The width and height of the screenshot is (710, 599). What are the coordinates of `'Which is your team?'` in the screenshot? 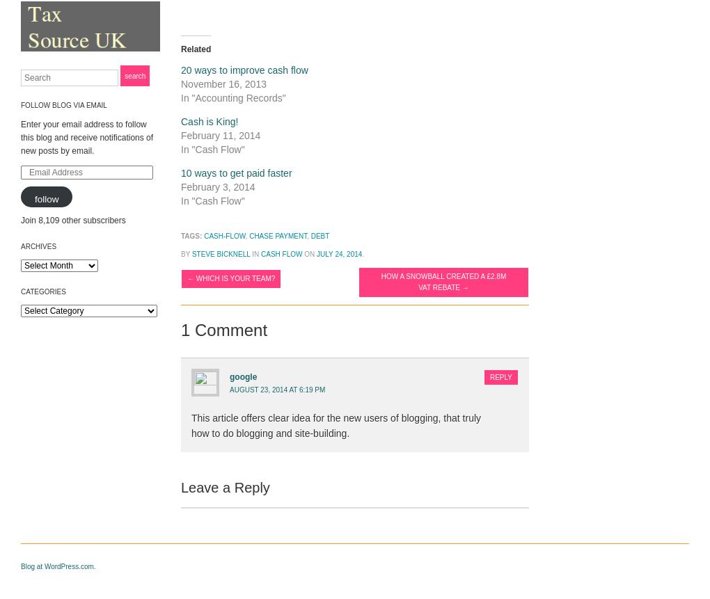 It's located at (235, 278).